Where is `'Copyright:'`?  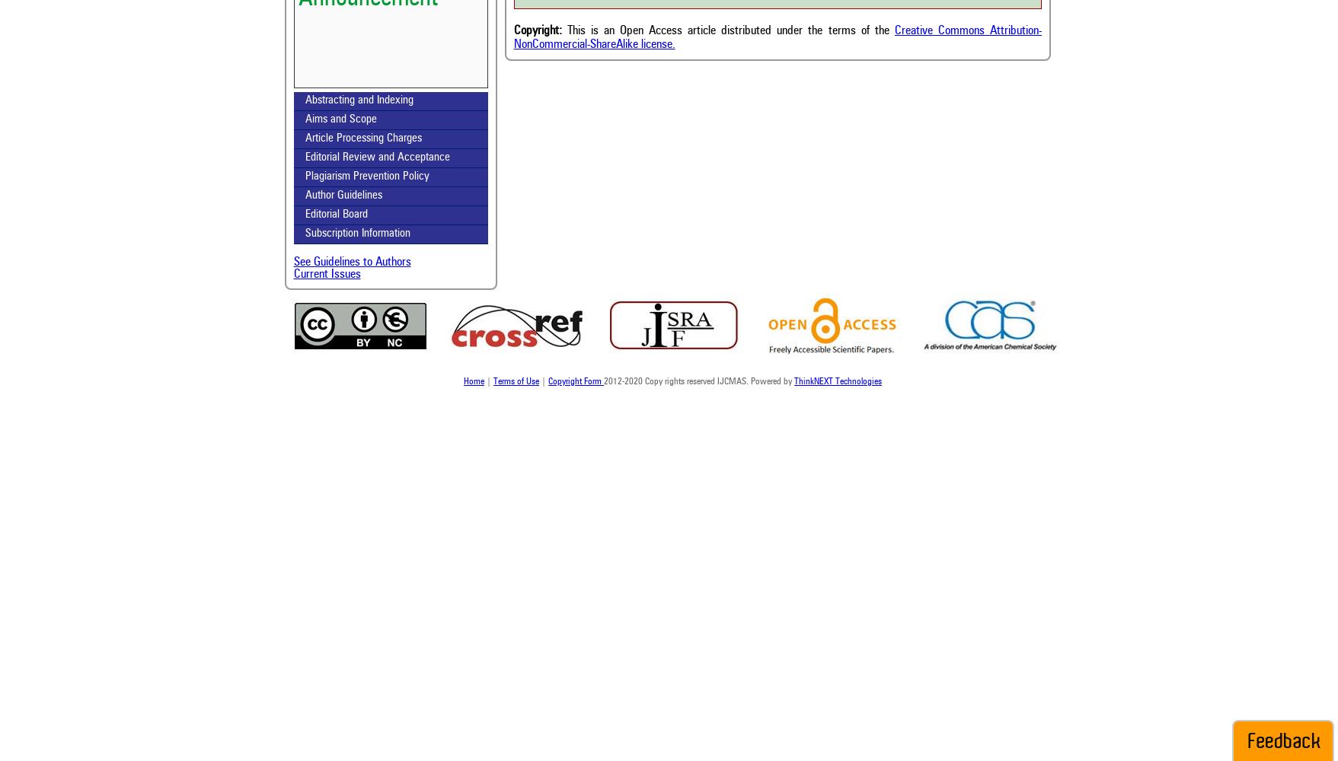
'Copyright:' is located at coordinates (536, 30).